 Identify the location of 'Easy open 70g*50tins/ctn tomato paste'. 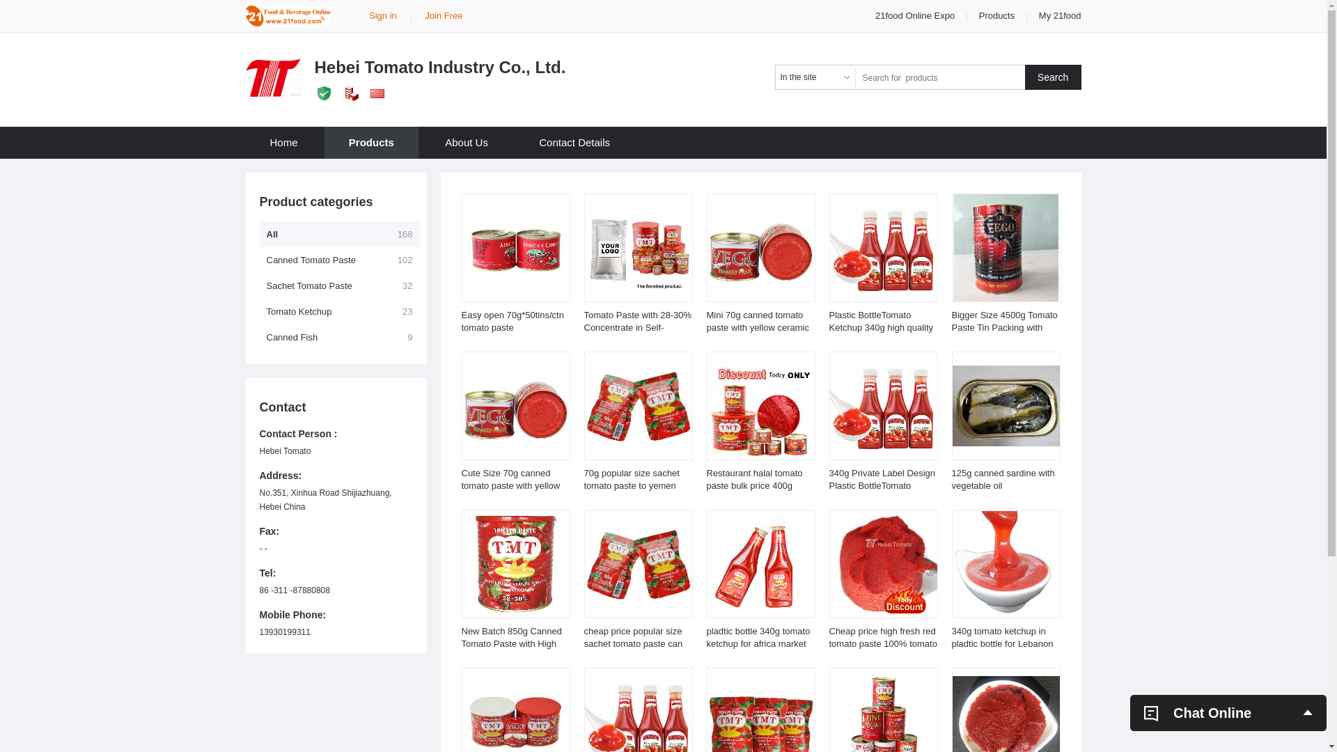
(511, 321).